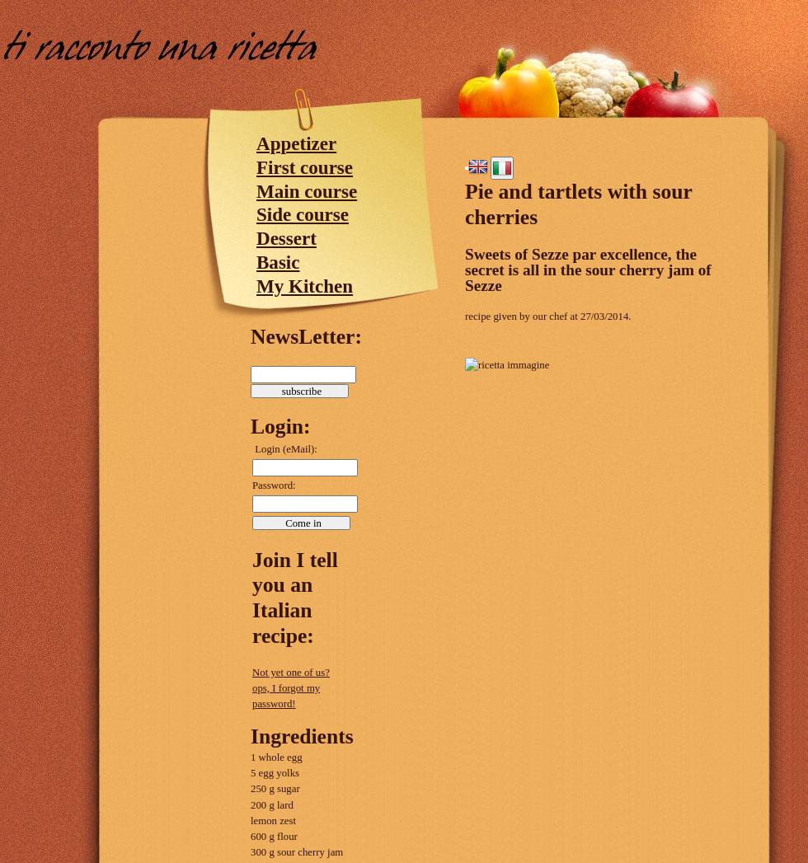  I want to click on '250 g sugar', so click(275, 787).